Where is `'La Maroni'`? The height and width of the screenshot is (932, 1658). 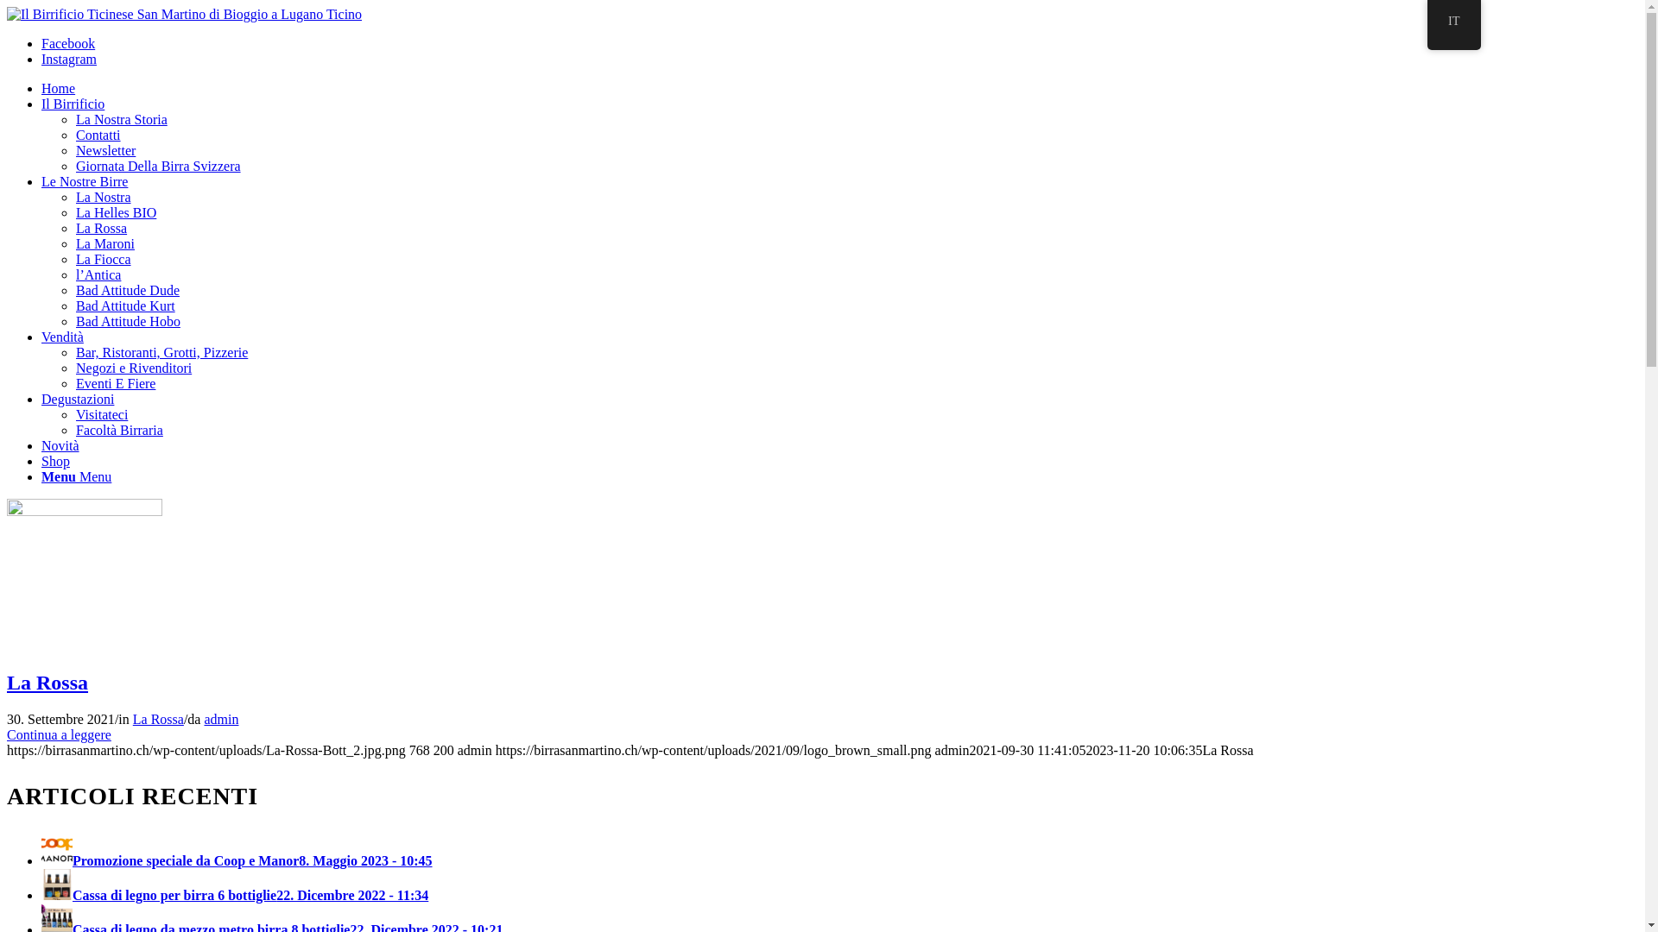
'La Maroni' is located at coordinates (104, 243).